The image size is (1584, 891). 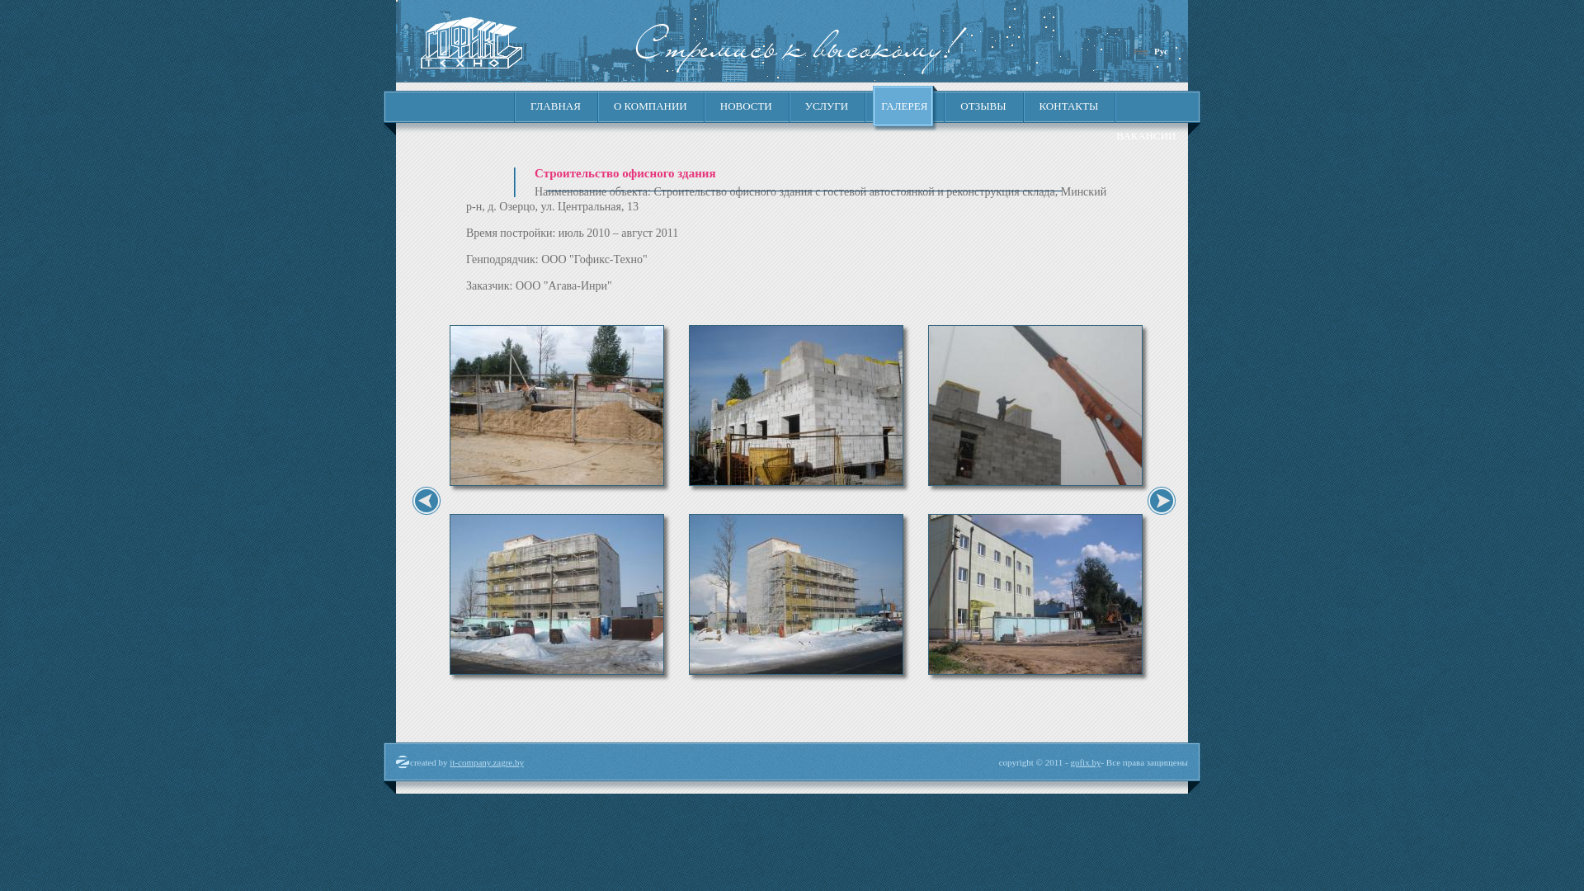 I want to click on 'it-company.zagre.by', so click(x=450, y=762).